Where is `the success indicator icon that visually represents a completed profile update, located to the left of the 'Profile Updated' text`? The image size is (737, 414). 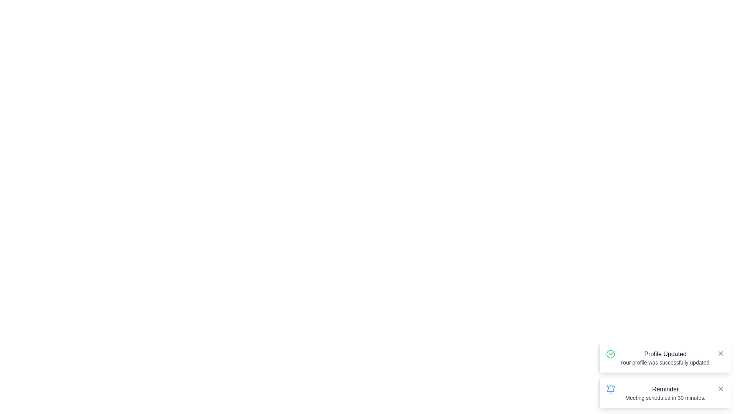
the success indicator icon that visually represents a completed profile update, located to the left of the 'Profile Updated' text is located at coordinates (610, 354).